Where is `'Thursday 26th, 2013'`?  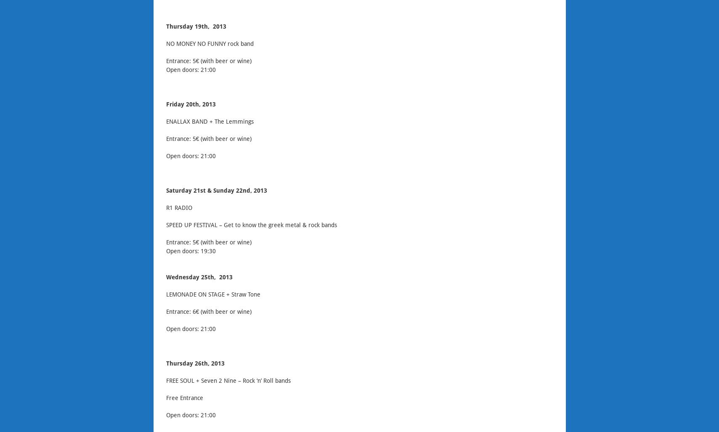 'Thursday 26th, 2013' is located at coordinates (194, 363).